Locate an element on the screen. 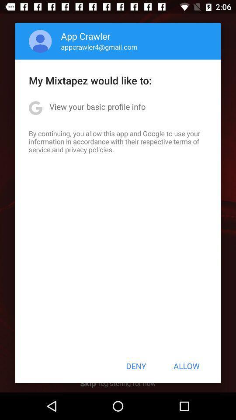  app crawler icon is located at coordinates (86, 36).